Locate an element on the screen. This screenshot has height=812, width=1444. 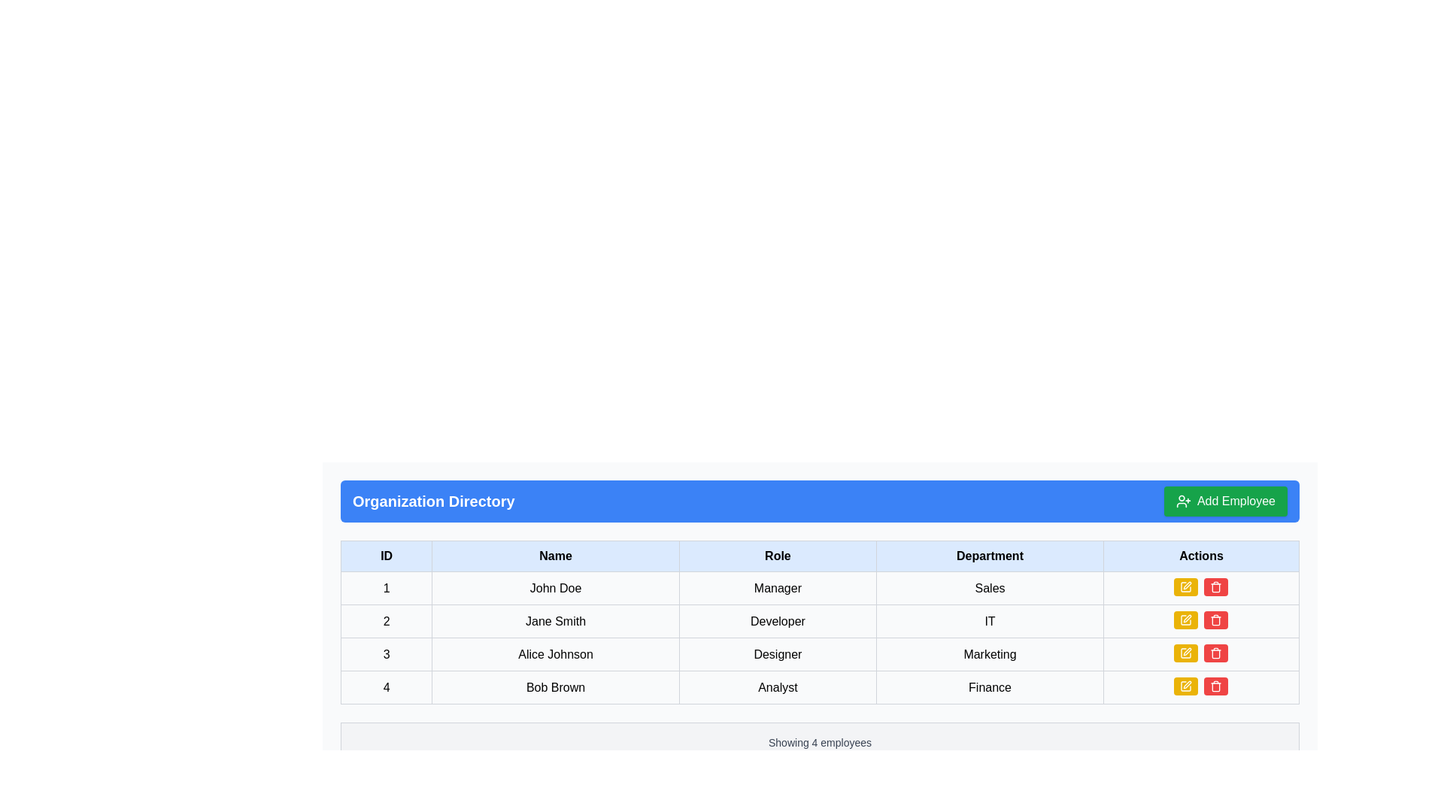
the red delete button with a trash bin icon located in the last column of the fourth row under the 'Actions' header is located at coordinates (1216, 686).